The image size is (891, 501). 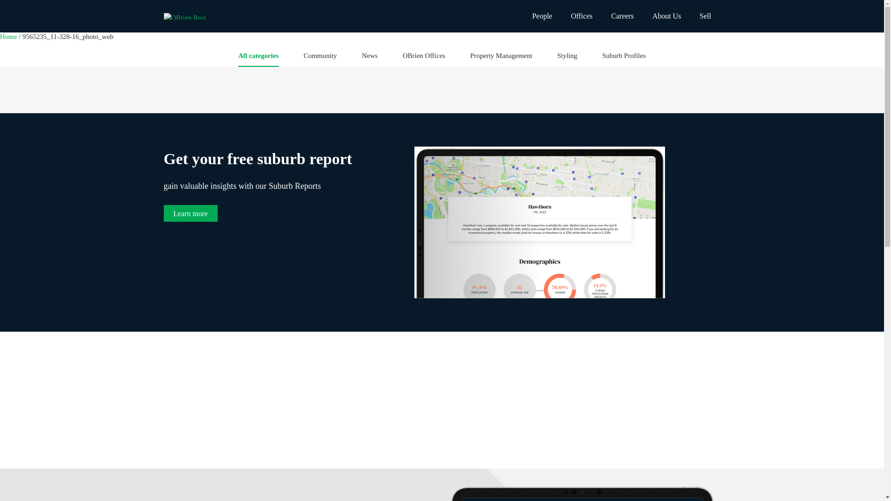 What do you see at coordinates (581, 16) in the screenshot?
I see `'Offices'` at bounding box center [581, 16].